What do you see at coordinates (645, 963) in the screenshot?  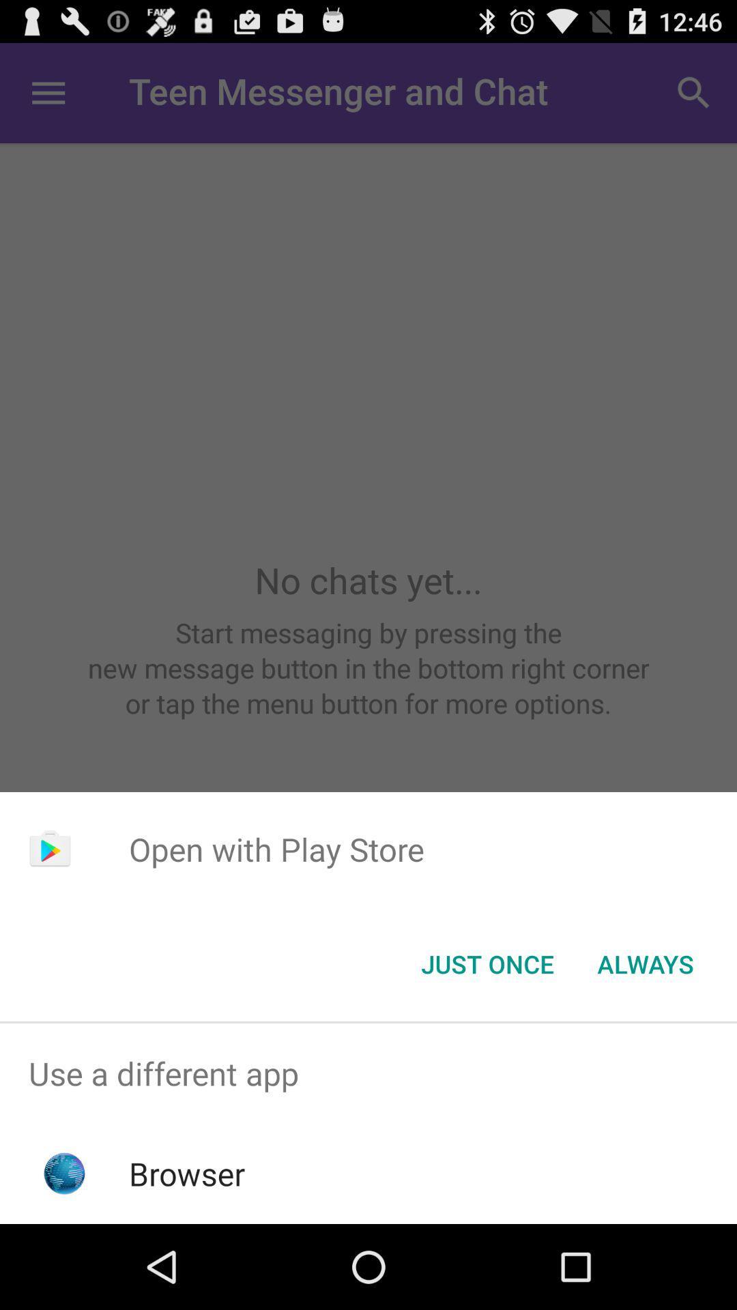 I see `always item` at bounding box center [645, 963].